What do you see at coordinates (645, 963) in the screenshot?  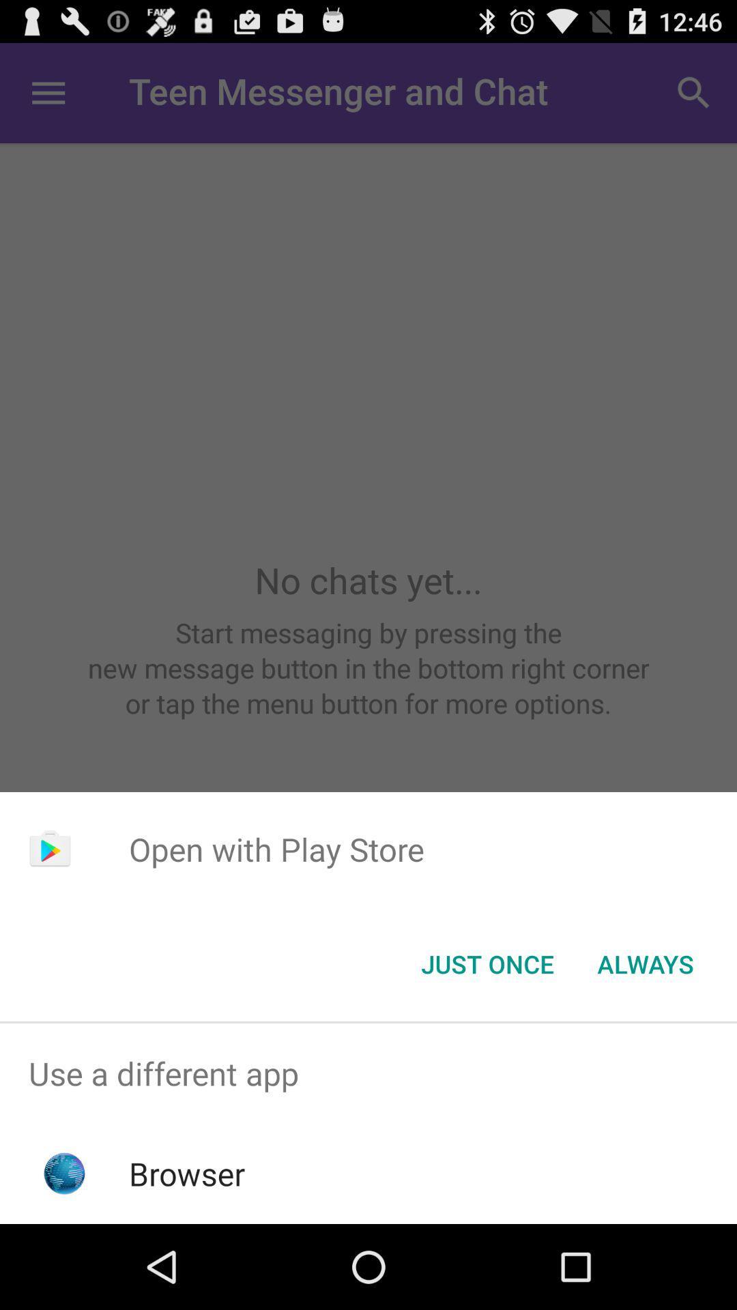 I see `always item` at bounding box center [645, 963].